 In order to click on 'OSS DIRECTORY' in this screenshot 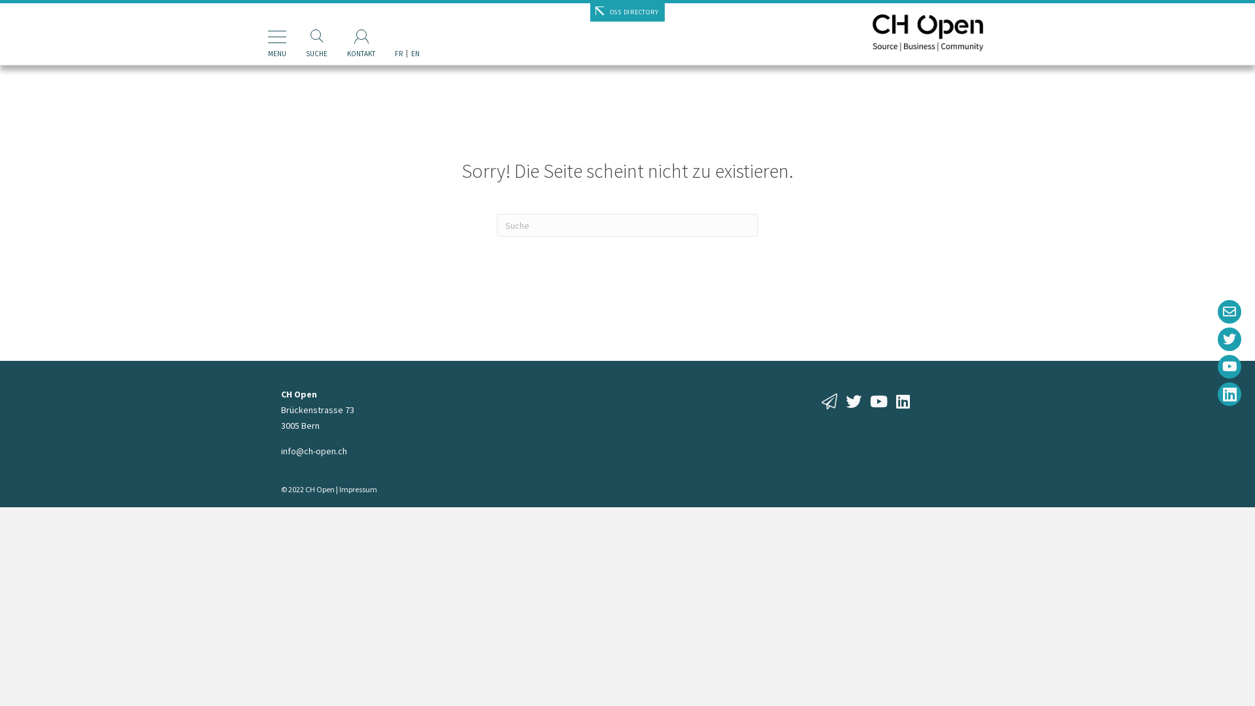, I will do `click(589, 12)`.